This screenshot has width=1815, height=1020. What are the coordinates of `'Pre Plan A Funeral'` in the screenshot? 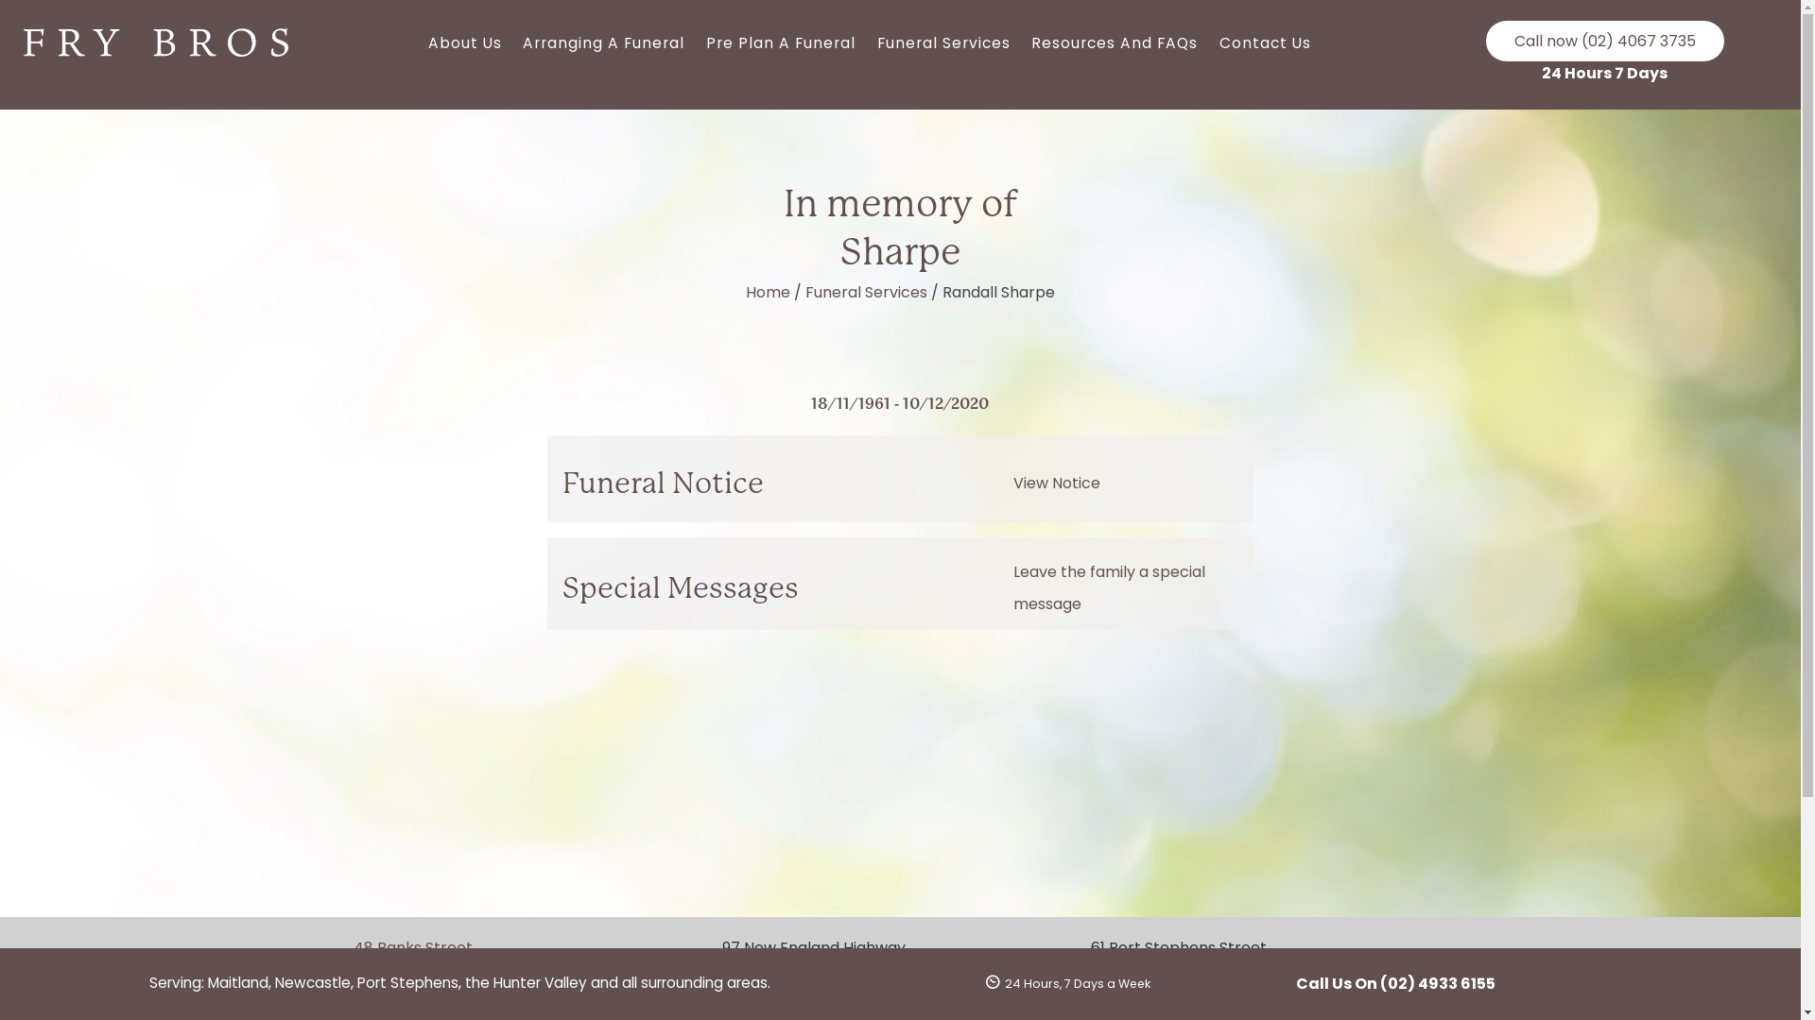 It's located at (781, 42).